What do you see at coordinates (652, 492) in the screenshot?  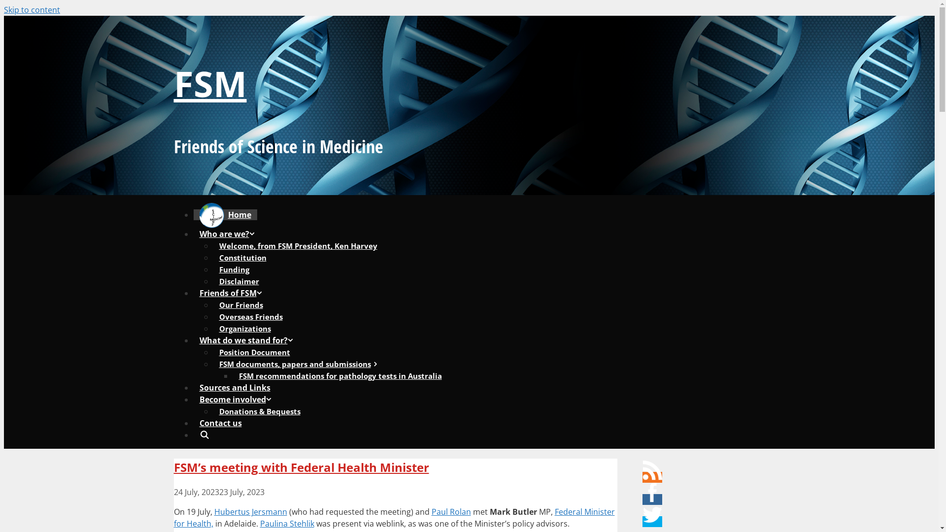 I see `'Facebook'` at bounding box center [652, 492].